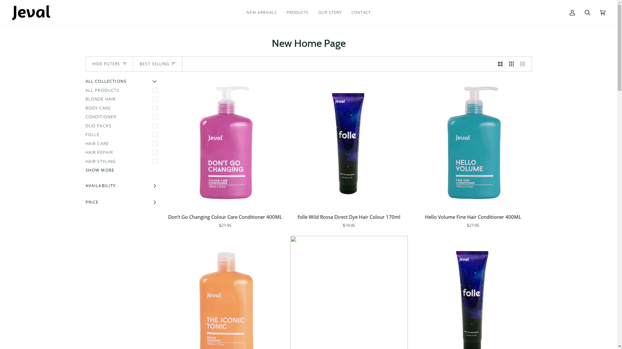 This screenshot has height=349, width=622. I want to click on 'BEST SELLING', so click(157, 64).